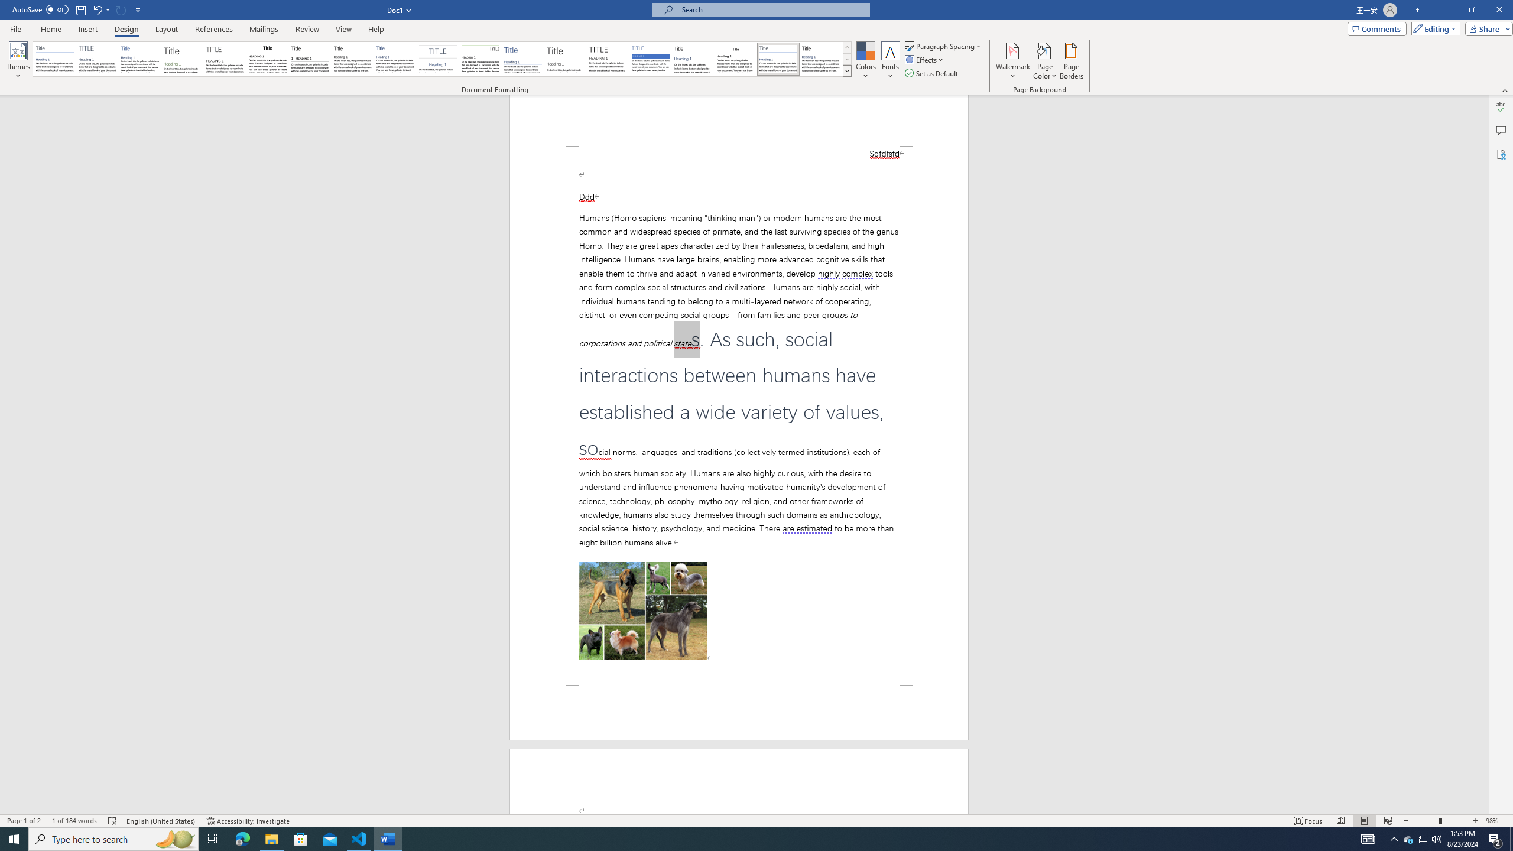 The height and width of the screenshot is (851, 1513). Describe the element at coordinates (944, 46) in the screenshot. I see `'Paragraph Spacing'` at that location.